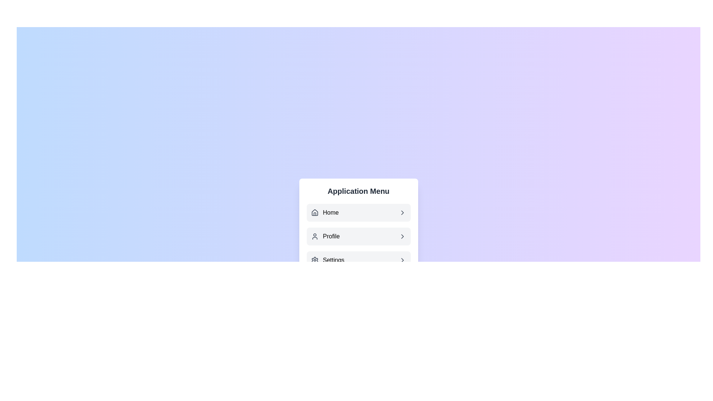  What do you see at coordinates (325, 236) in the screenshot?
I see `the 'Profile' navigation button, which is the second item in the vertical menu` at bounding box center [325, 236].